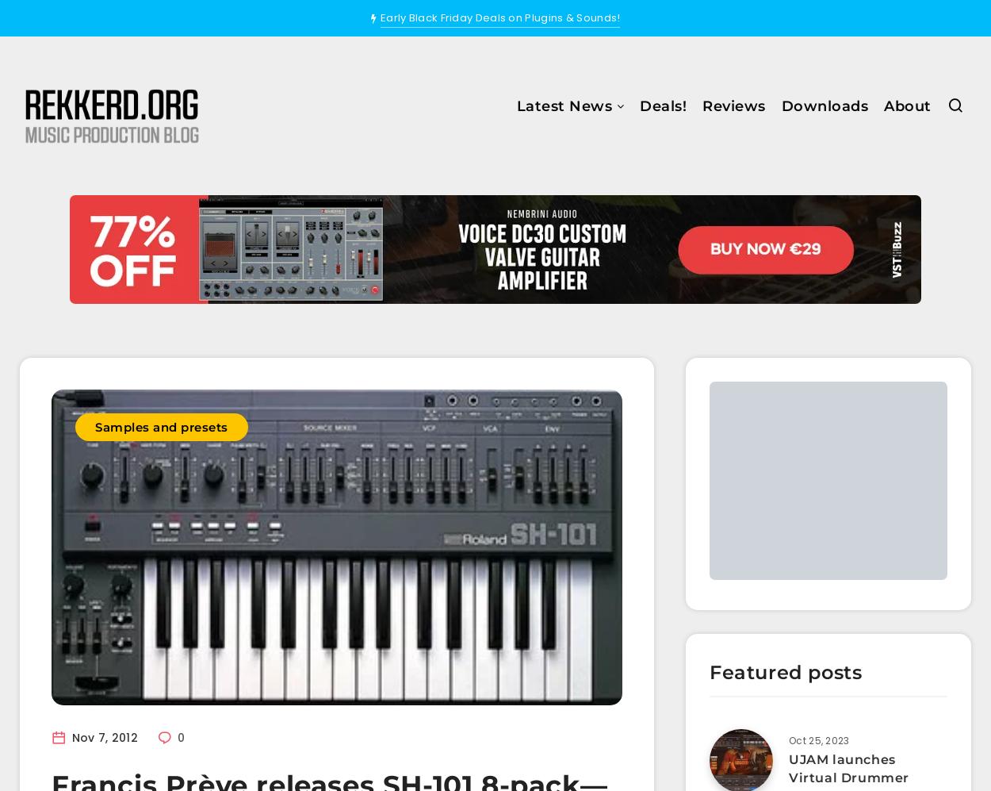  I want to click on 'Latest News', so click(563, 106).